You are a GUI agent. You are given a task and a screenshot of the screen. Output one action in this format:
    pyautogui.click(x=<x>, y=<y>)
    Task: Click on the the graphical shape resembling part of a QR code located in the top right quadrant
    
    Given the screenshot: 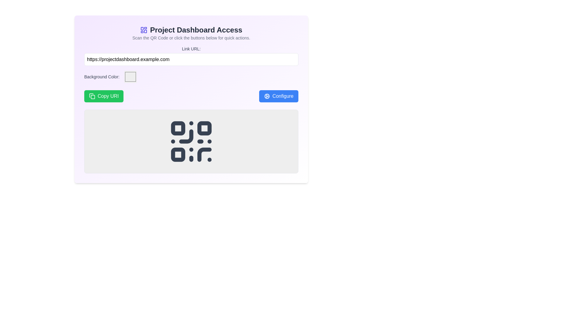 What is the action you would take?
    pyautogui.click(x=186, y=136)
    